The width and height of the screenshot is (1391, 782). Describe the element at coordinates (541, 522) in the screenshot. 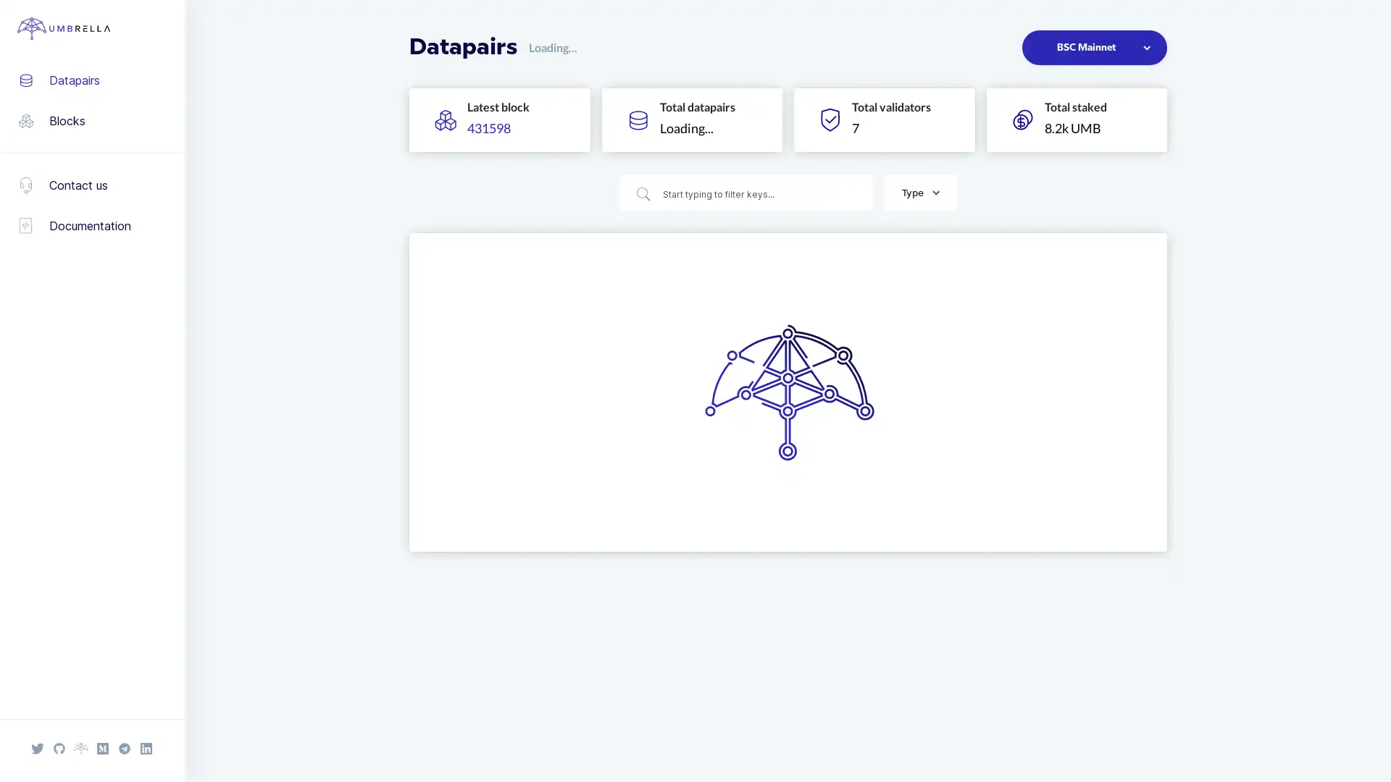

I see `Next page` at that location.